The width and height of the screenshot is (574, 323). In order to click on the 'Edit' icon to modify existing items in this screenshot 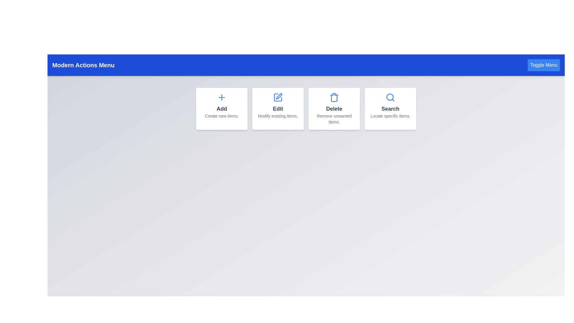, I will do `click(278, 97)`.